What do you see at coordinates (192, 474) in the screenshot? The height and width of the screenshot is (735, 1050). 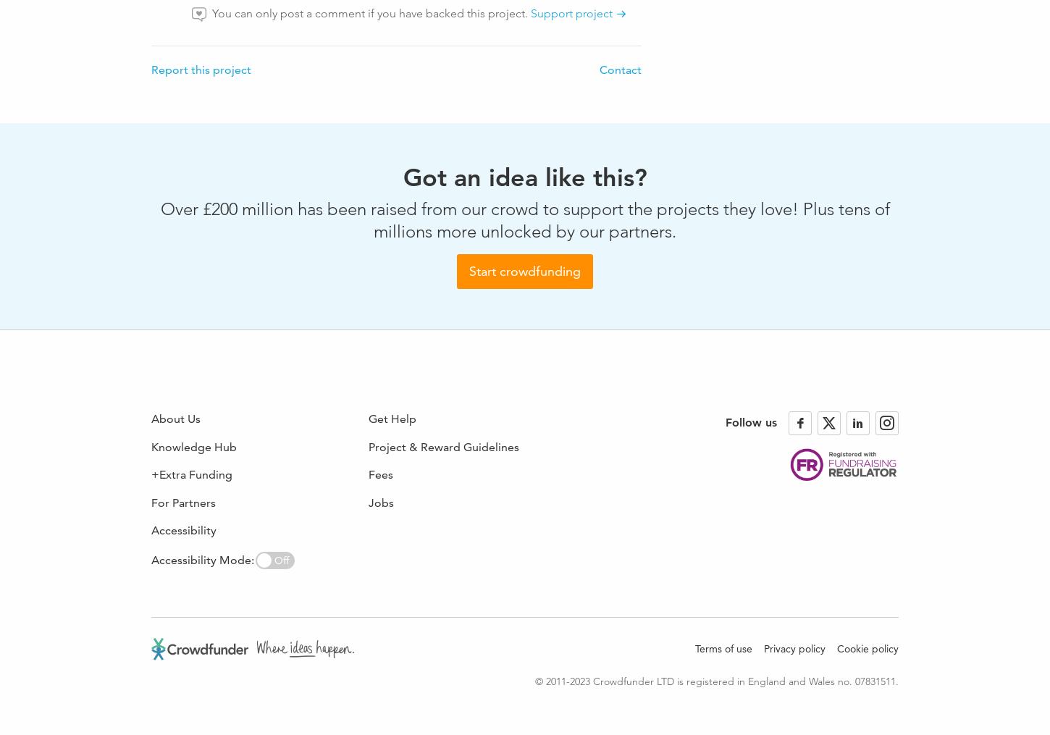 I see `'+Extra Funding'` at bounding box center [192, 474].